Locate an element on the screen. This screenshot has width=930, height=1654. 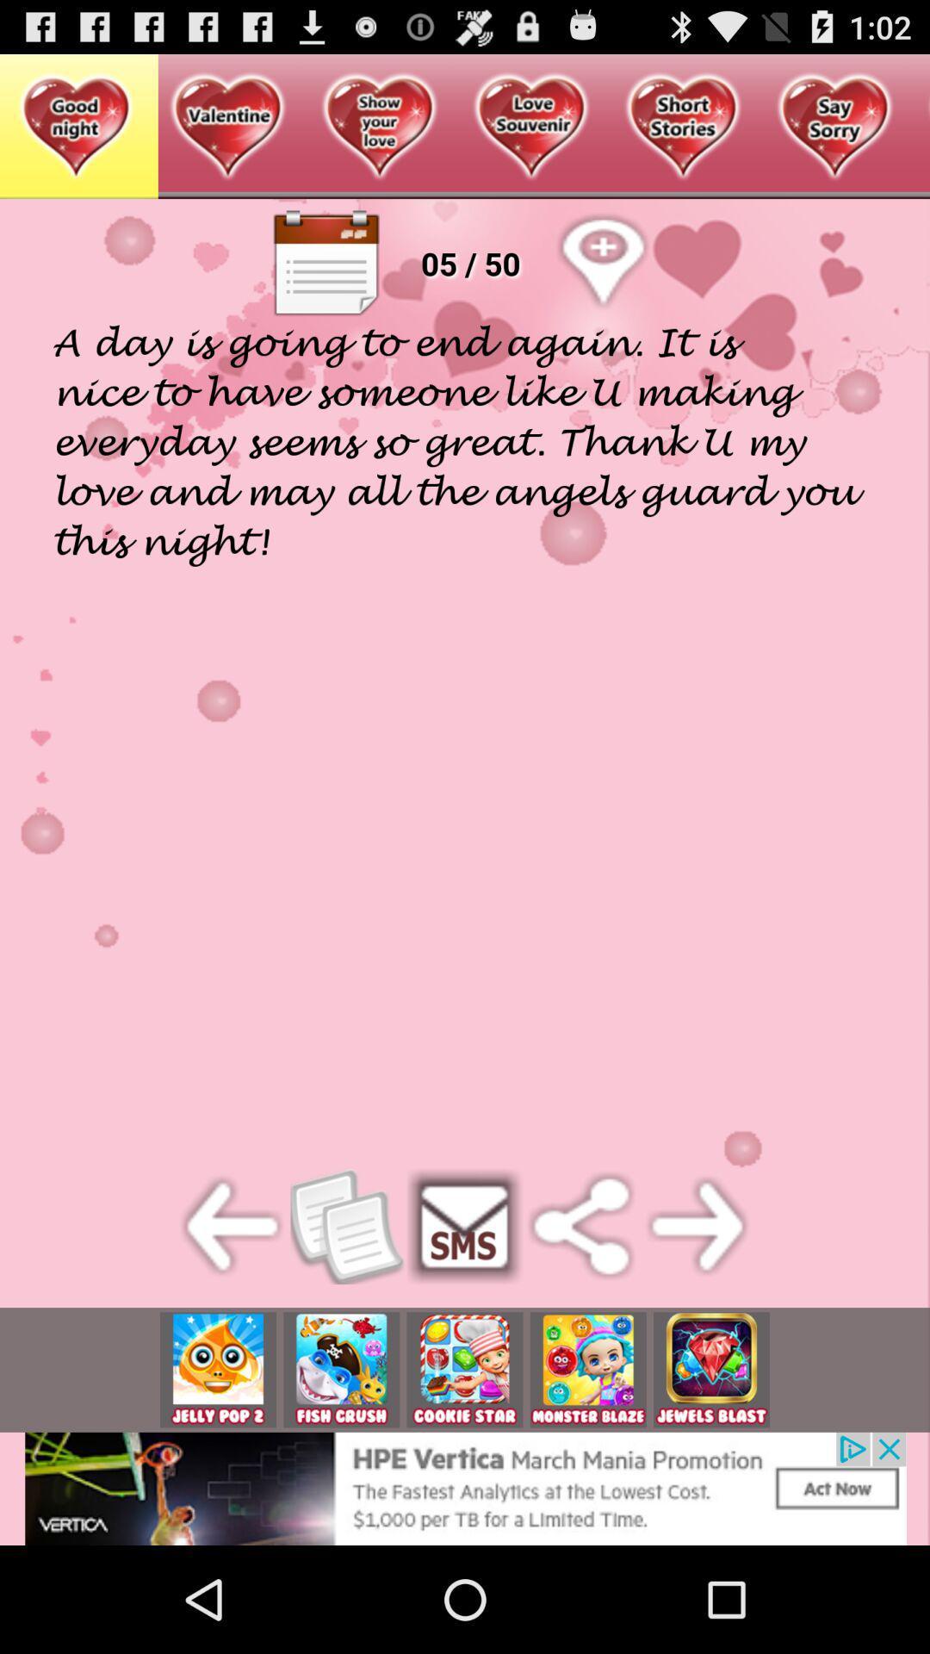
next is located at coordinates (697, 1225).